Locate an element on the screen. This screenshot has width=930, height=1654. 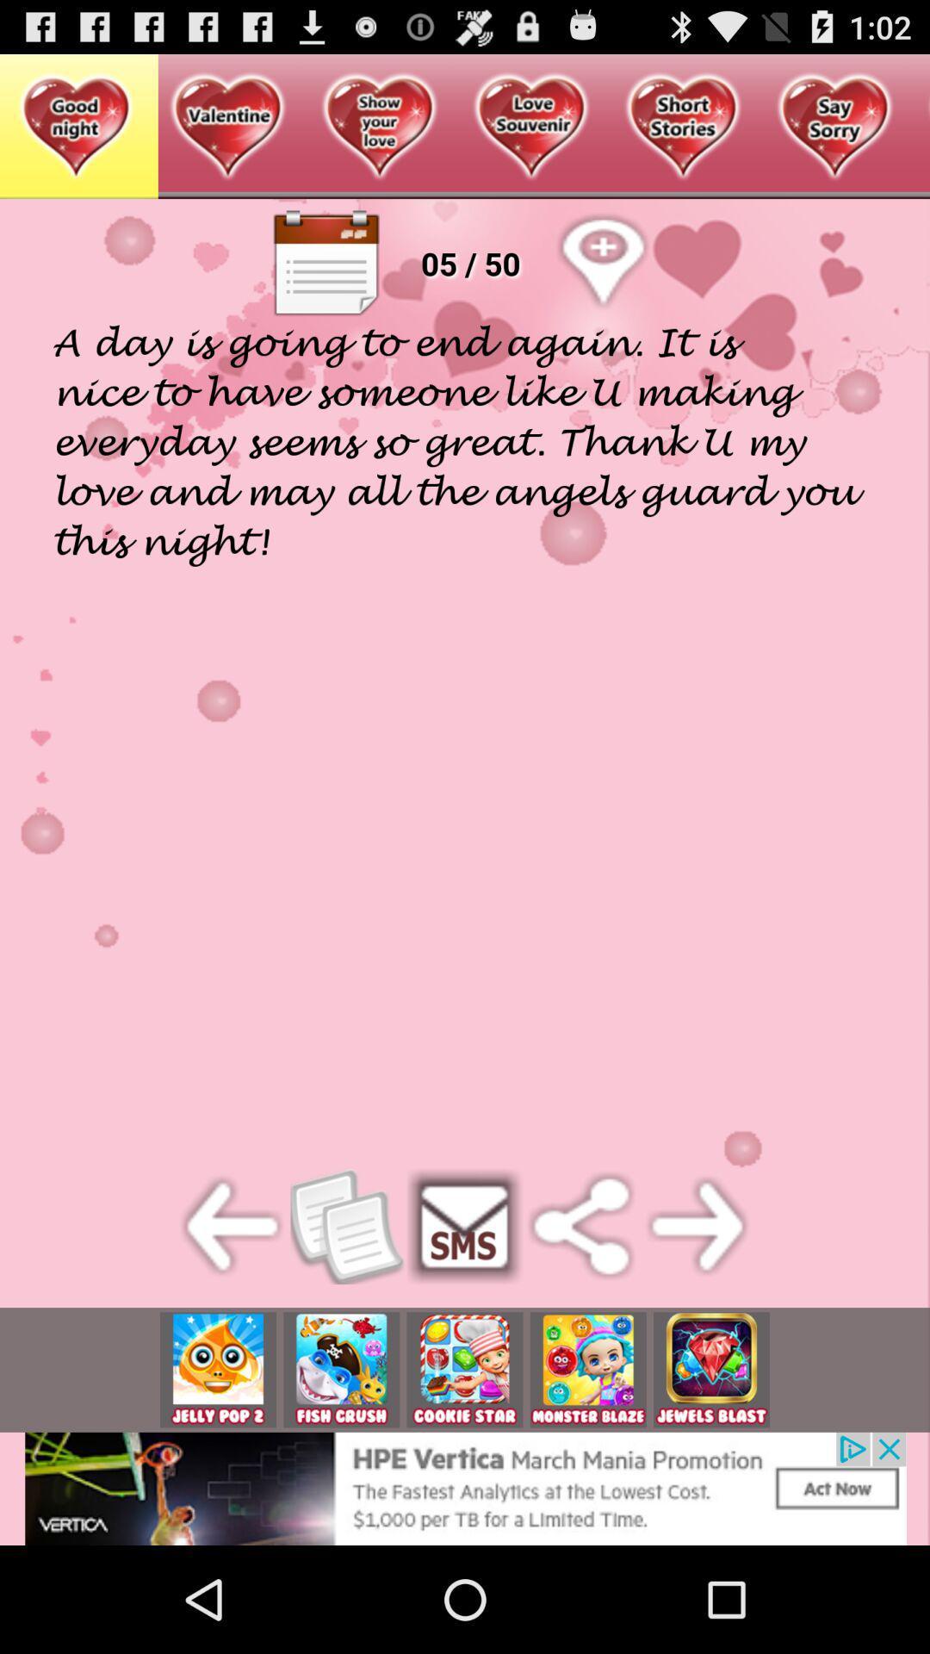
next is located at coordinates (697, 1225).